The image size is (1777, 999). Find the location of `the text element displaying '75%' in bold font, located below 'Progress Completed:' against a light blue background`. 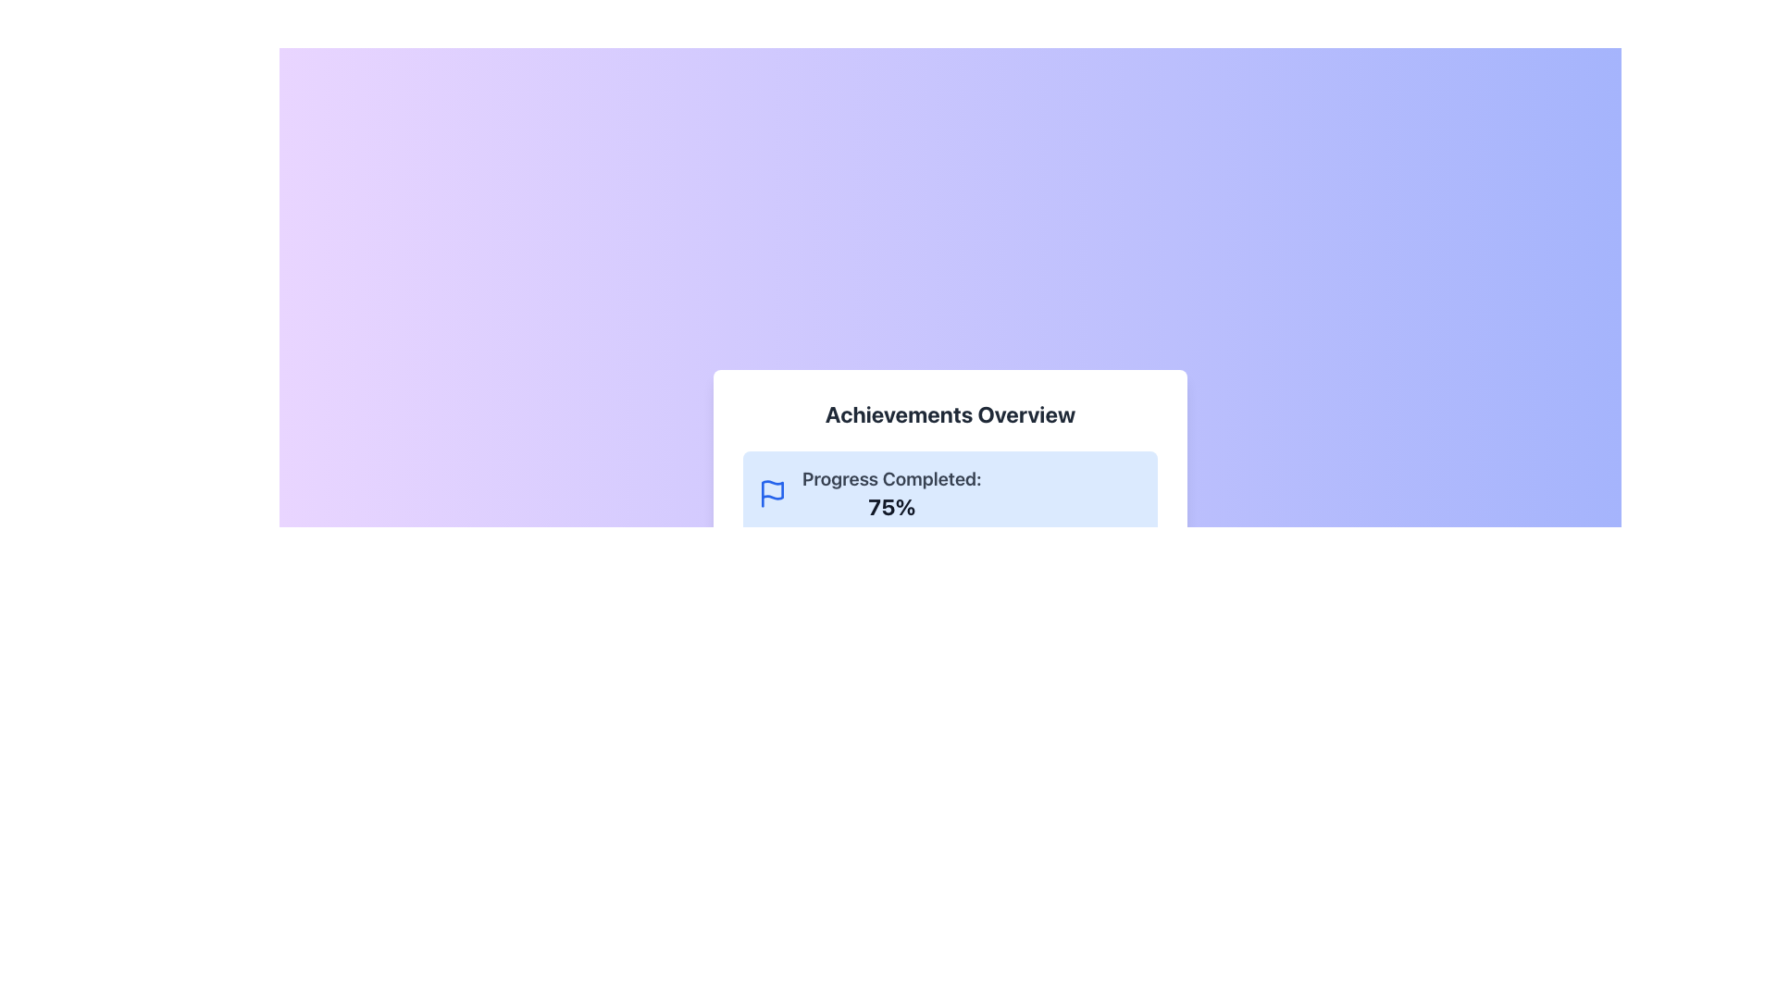

the text element displaying '75%' in bold font, located below 'Progress Completed:' against a light blue background is located at coordinates (891, 506).